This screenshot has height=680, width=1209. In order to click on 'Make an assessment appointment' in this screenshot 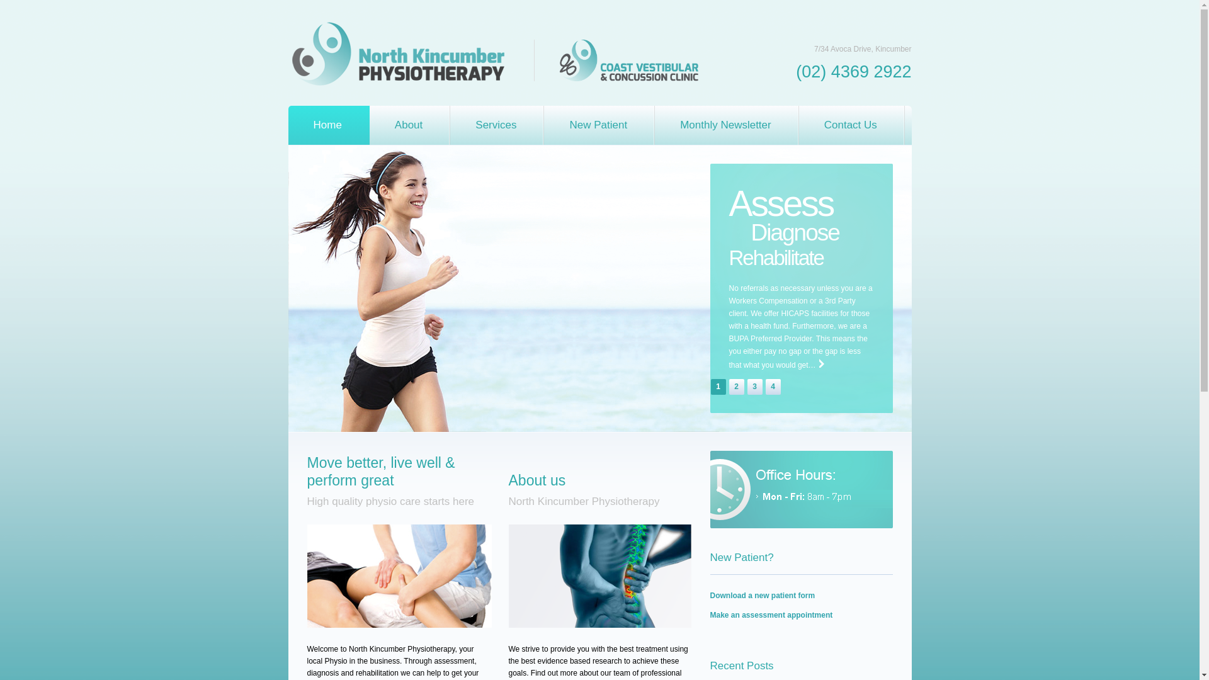, I will do `click(771, 614)`.